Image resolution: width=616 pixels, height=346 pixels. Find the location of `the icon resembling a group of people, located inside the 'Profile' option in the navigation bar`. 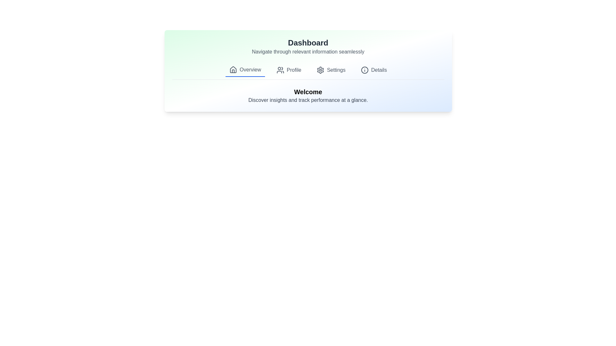

the icon resembling a group of people, located inside the 'Profile' option in the navigation bar is located at coordinates (280, 70).